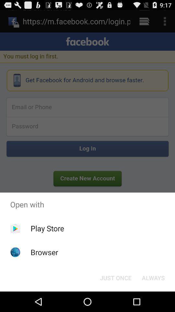 The height and width of the screenshot is (312, 175). I want to click on the browser, so click(44, 252).